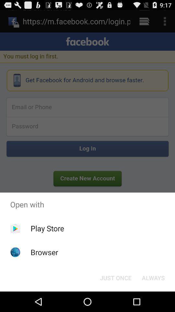 The height and width of the screenshot is (312, 175). I want to click on the browser, so click(44, 252).